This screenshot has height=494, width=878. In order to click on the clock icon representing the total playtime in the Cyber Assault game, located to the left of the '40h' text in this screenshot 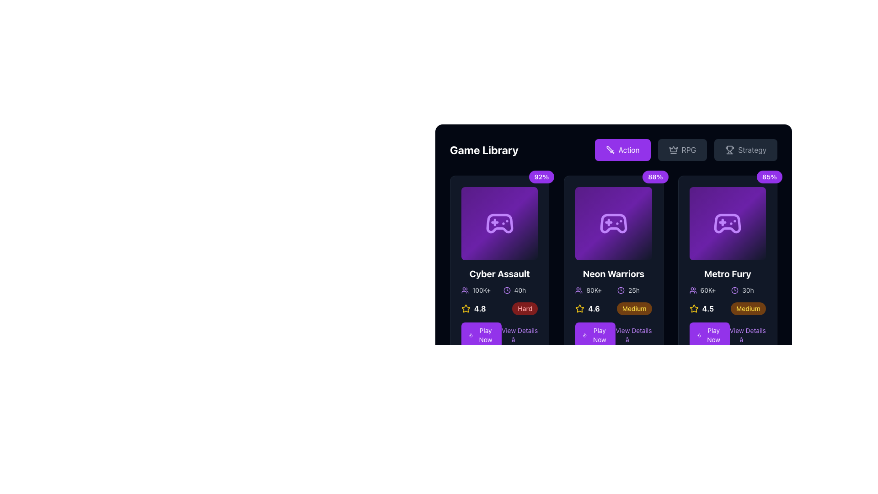, I will do `click(506, 290)`.